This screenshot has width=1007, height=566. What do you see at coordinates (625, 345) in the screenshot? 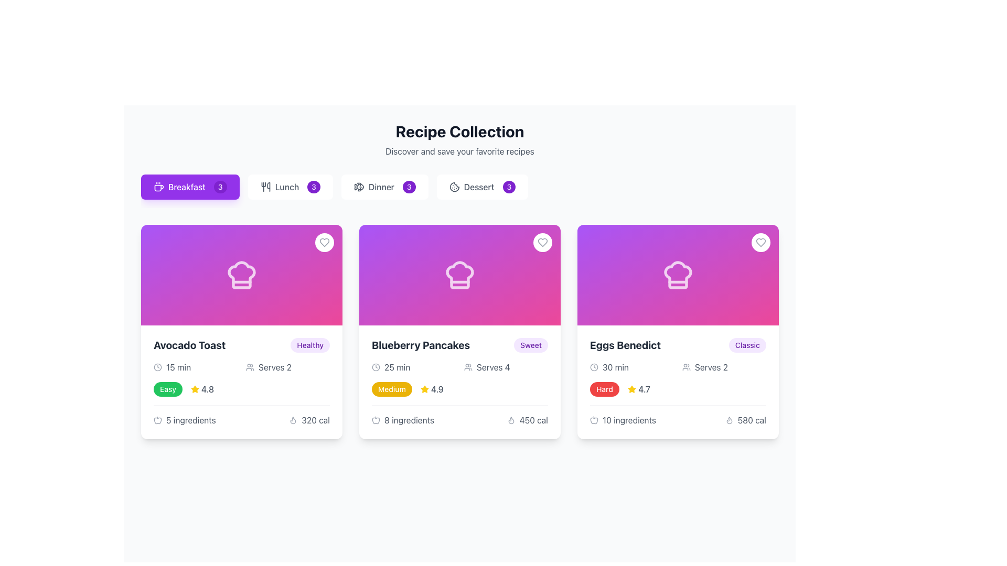
I see `the 'Eggs Benedict' text label displayed in bold, extra-large gray font, located in the middle-right card of the grid layout` at bounding box center [625, 345].